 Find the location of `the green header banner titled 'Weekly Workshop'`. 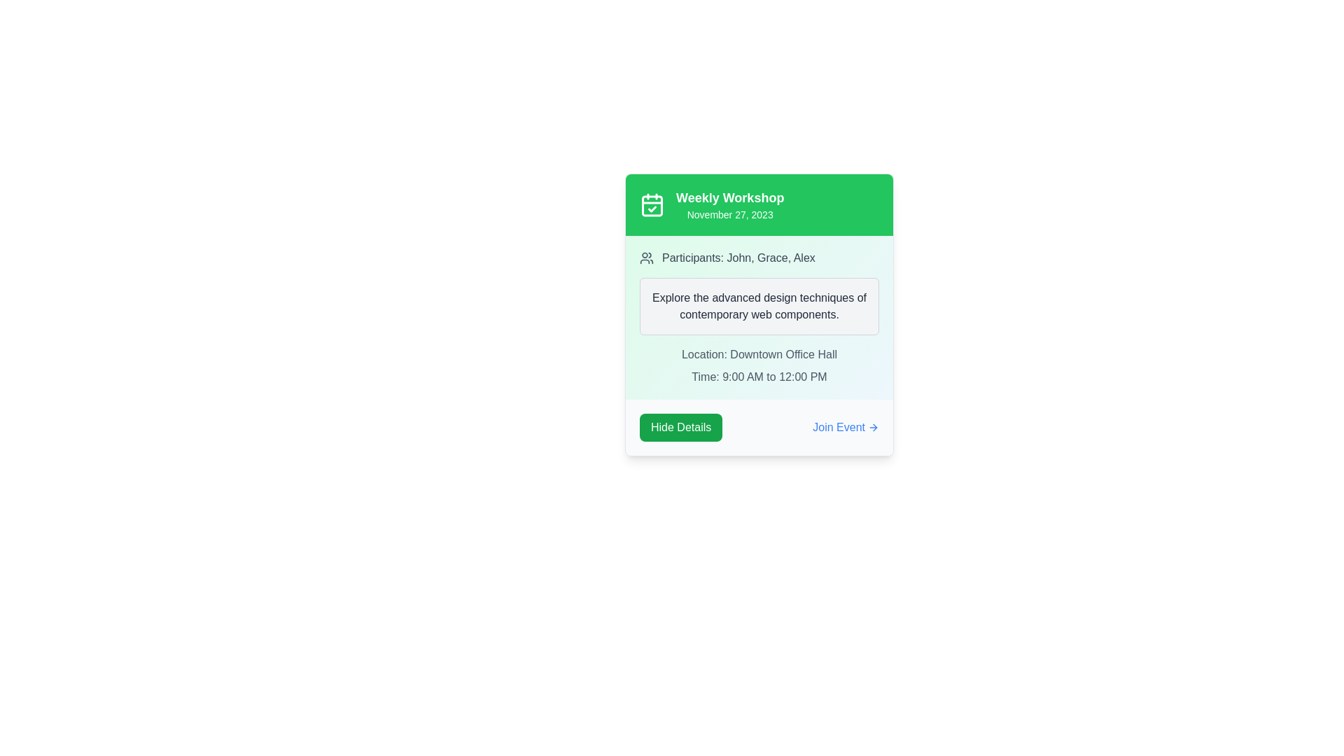

the green header banner titled 'Weekly Workshop' is located at coordinates (758, 205).